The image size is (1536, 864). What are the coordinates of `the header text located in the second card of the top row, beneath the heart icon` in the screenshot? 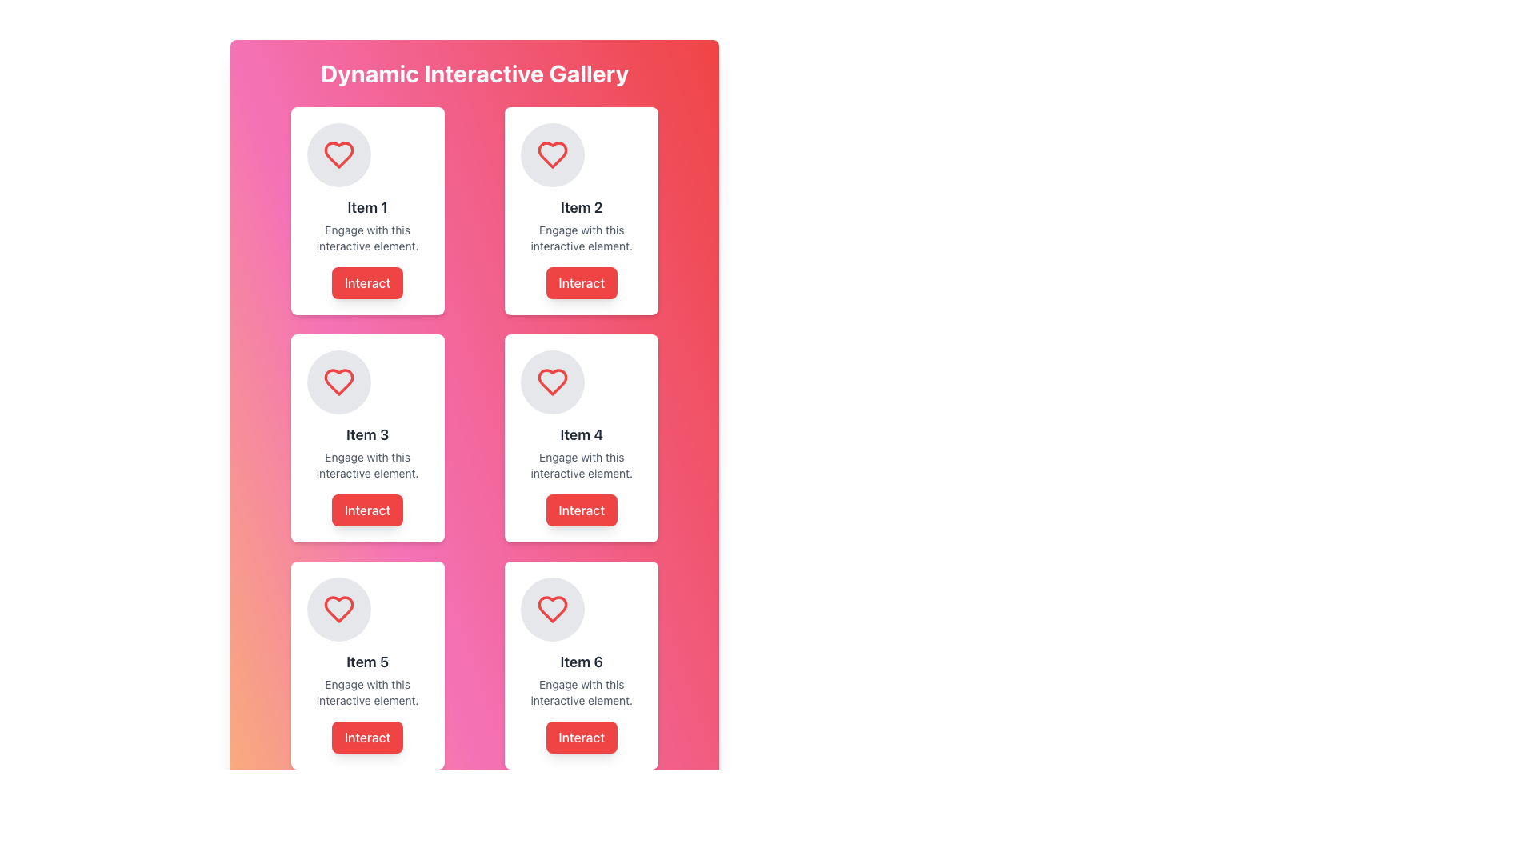 It's located at (581, 206).